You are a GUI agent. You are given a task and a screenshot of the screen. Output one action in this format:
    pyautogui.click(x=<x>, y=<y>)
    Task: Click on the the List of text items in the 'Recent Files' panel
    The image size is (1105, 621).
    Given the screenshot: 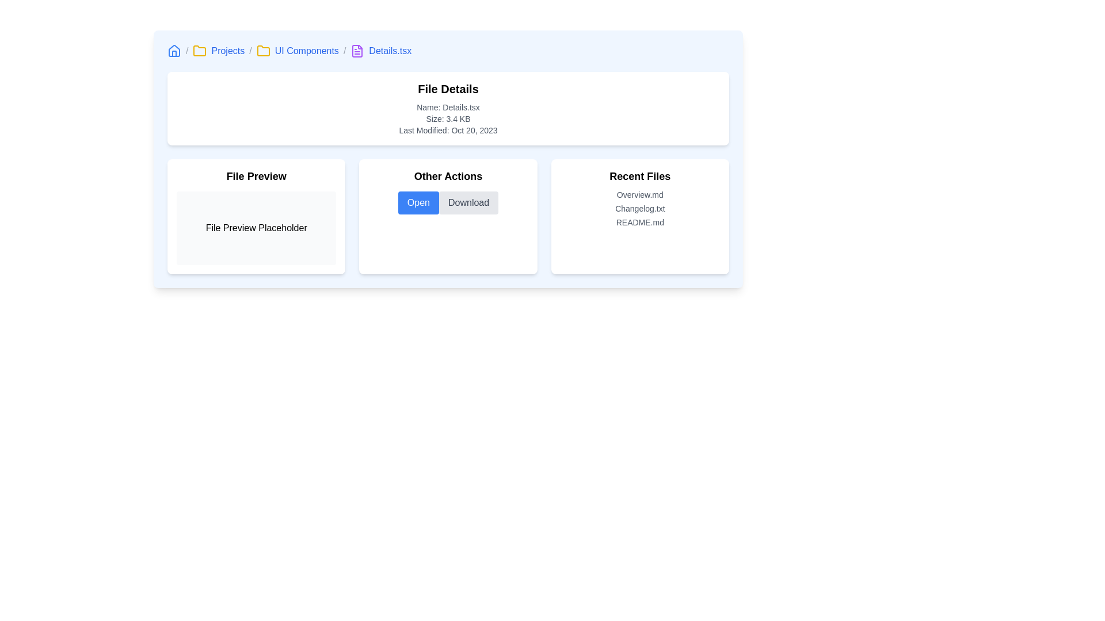 What is the action you would take?
    pyautogui.click(x=639, y=208)
    